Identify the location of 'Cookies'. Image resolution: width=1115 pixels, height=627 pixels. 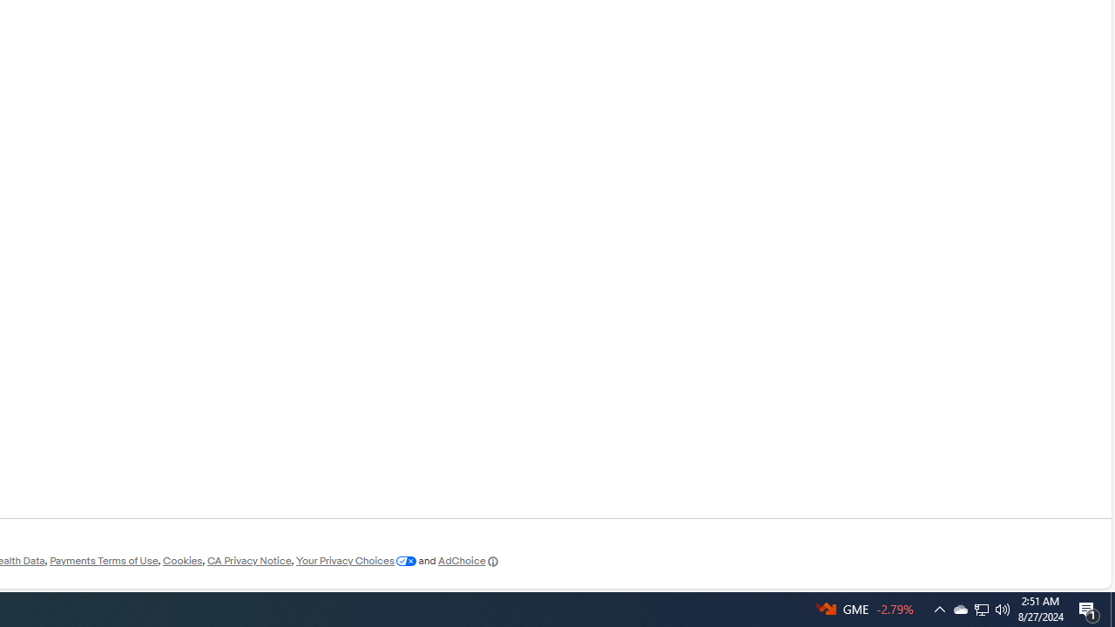
(182, 561).